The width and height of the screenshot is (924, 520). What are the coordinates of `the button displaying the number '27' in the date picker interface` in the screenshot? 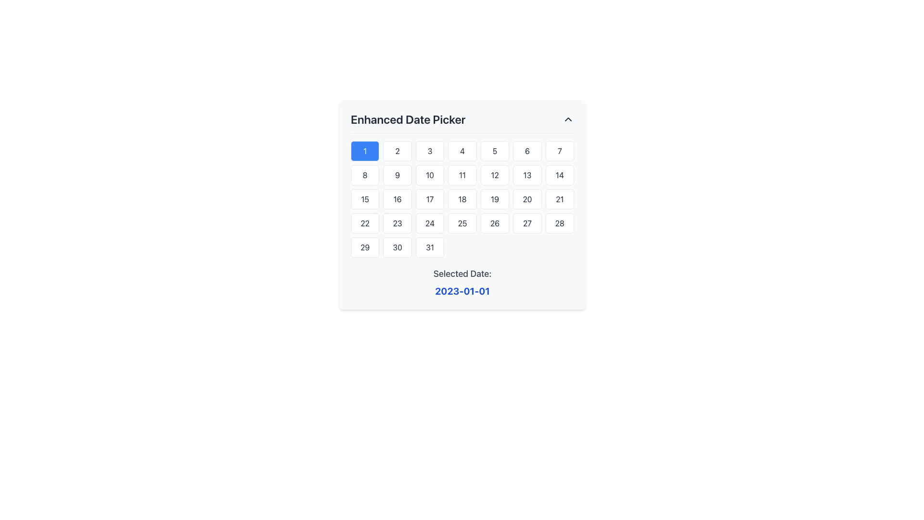 It's located at (526, 223).